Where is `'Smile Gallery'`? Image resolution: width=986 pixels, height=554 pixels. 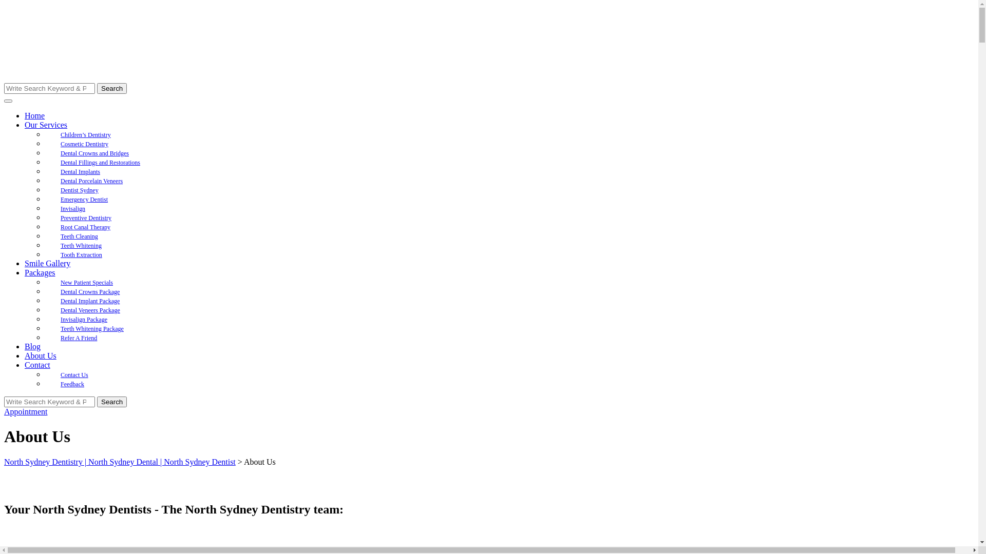 'Smile Gallery' is located at coordinates (47, 263).